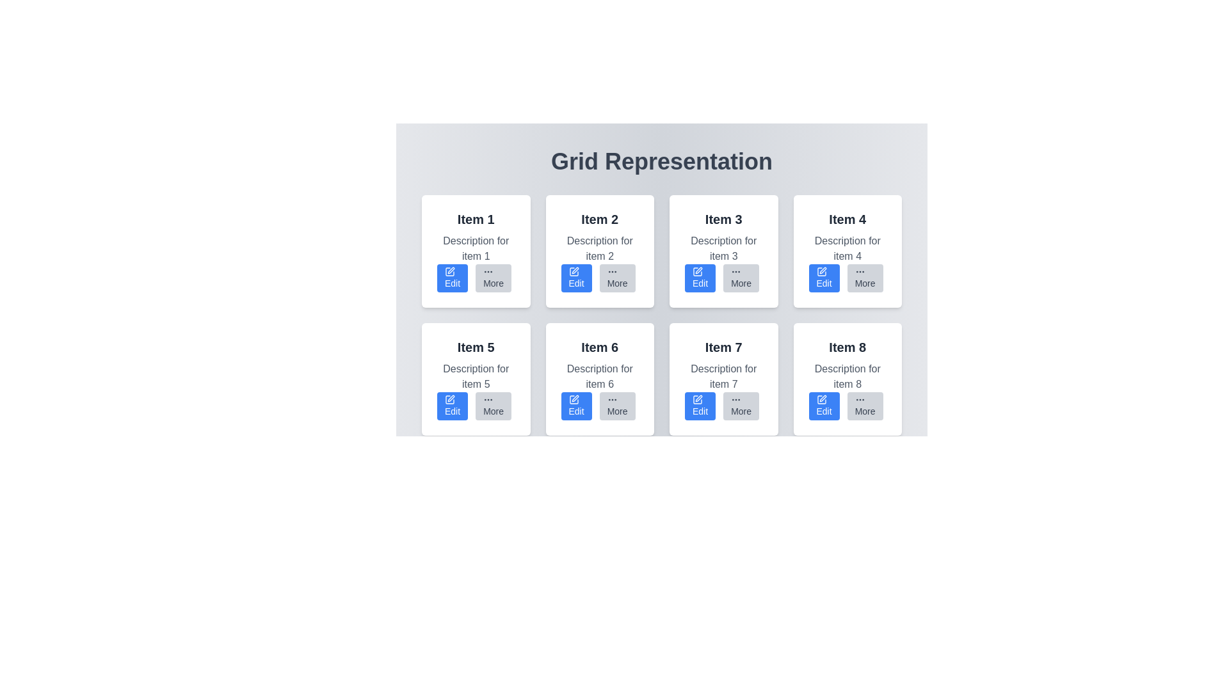 Image resolution: width=1229 pixels, height=691 pixels. Describe the element at coordinates (821, 271) in the screenshot. I see `the square icon with a pen inside, styled in line-art, located in the top-right quadrant of the grid layout within 'Item 4'` at that location.